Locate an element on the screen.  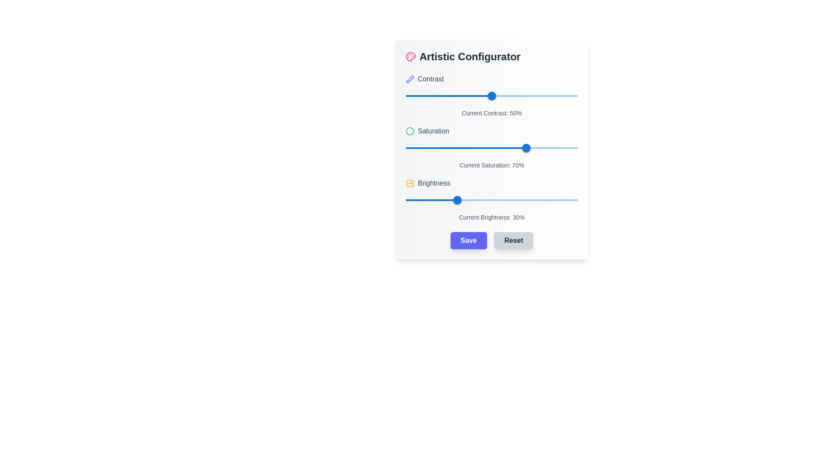
the Circle SVG graphic element that symbolizes the status next to the 'Saturation' text is located at coordinates (409, 131).